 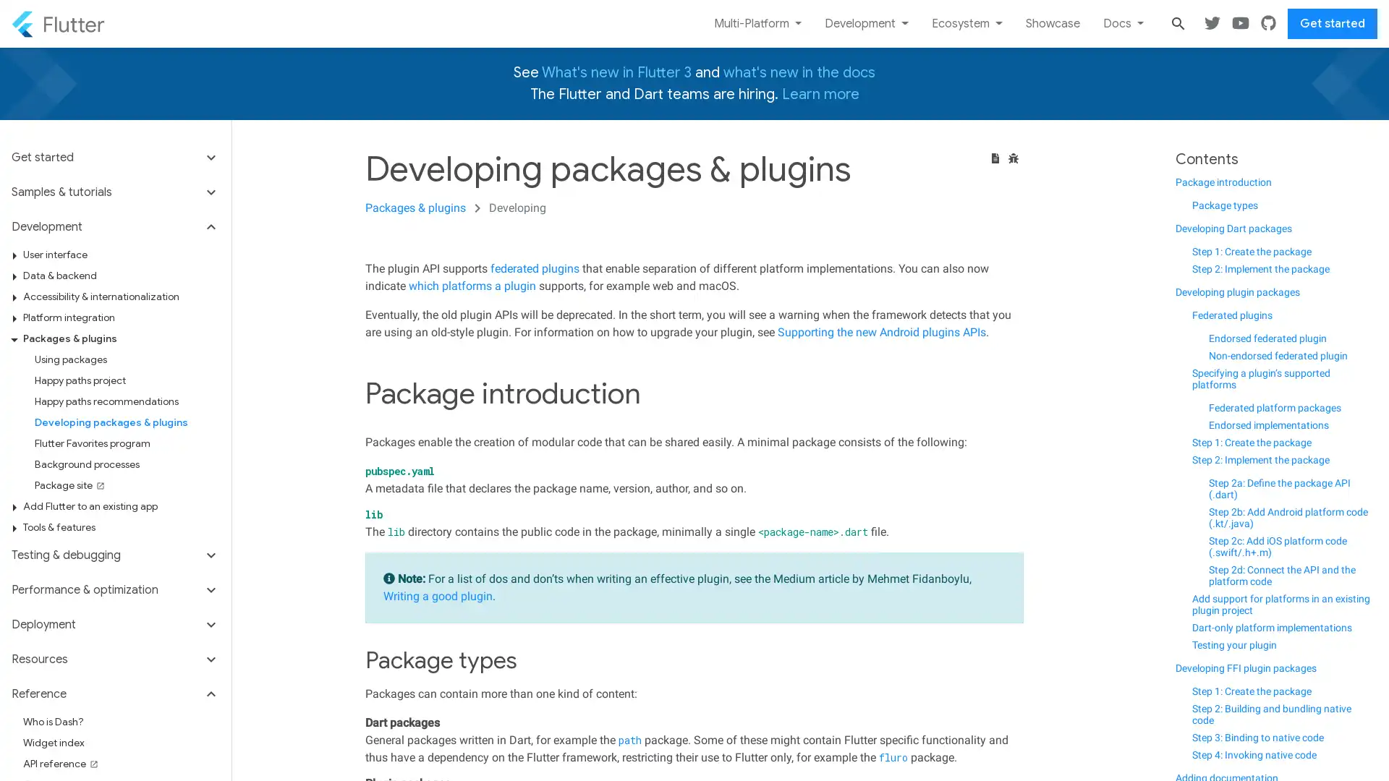 What do you see at coordinates (121, 505) in the screenshot?
I see `arrow_drop_down Add Flutter to an existing app` at bounding box center [121, 505].